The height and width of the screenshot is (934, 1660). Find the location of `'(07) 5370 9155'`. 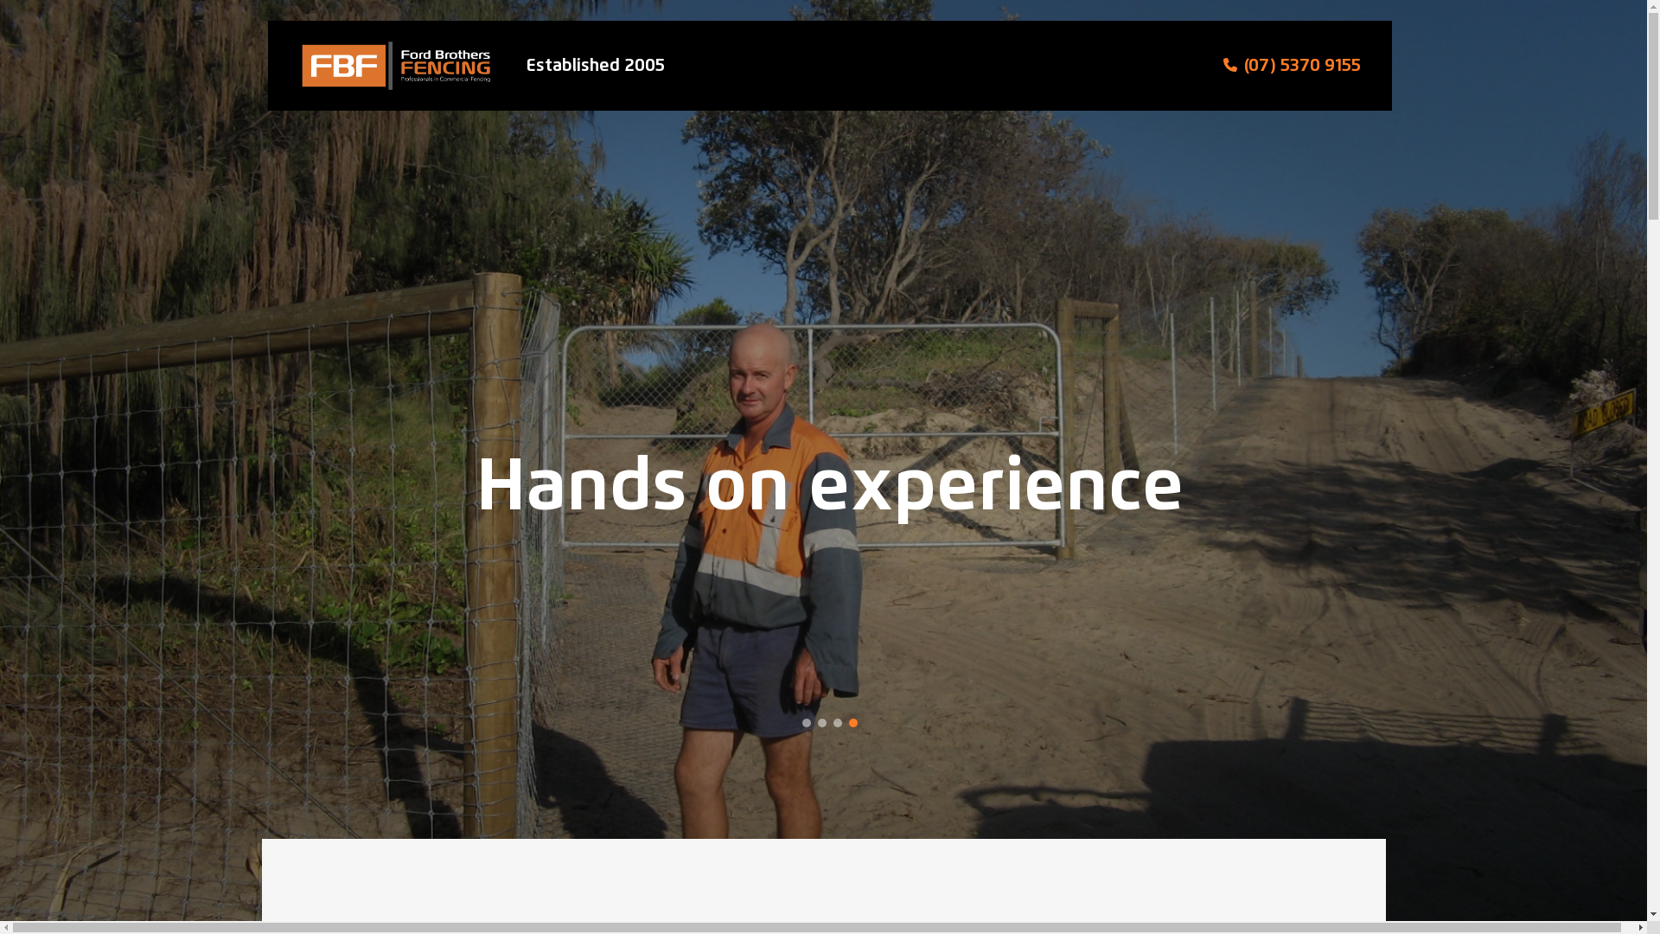

'(07) 5370 9155' is located at coordinates (1302, 65).